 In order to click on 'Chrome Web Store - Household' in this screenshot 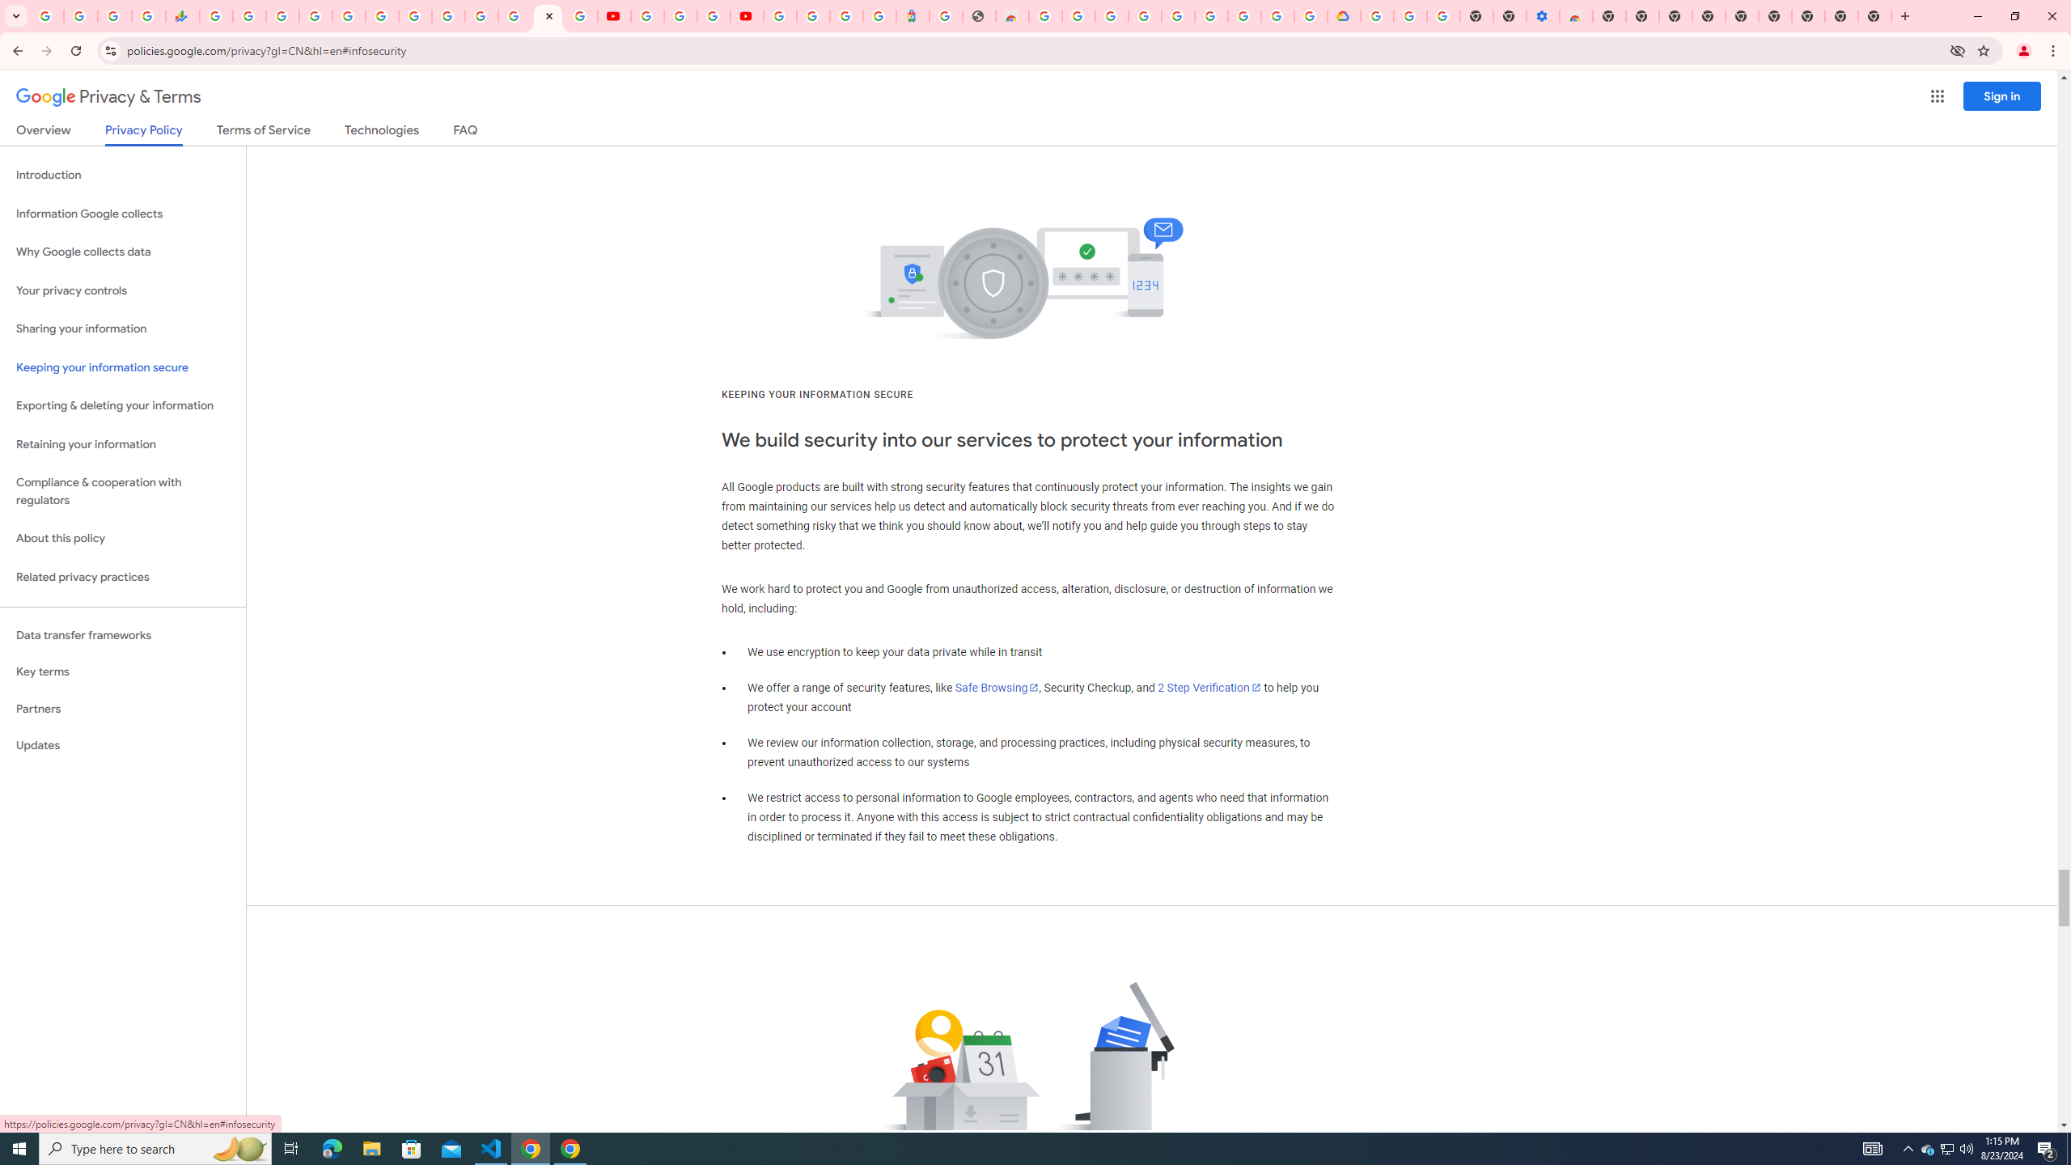, I will do `click(1011, 15)`.